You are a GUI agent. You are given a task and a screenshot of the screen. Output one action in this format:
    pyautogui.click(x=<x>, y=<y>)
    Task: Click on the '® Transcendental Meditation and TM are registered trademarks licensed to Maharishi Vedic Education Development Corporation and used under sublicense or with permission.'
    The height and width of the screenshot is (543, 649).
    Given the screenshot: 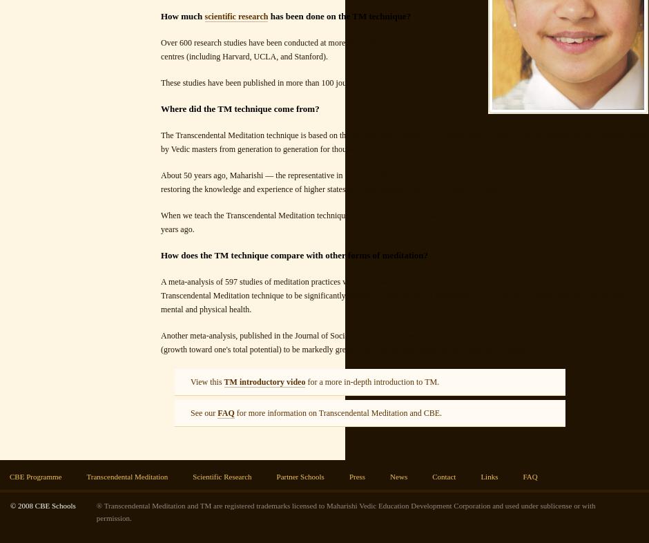 What is the action you would take?
    pyautogui.click(x=345, y=511)
    